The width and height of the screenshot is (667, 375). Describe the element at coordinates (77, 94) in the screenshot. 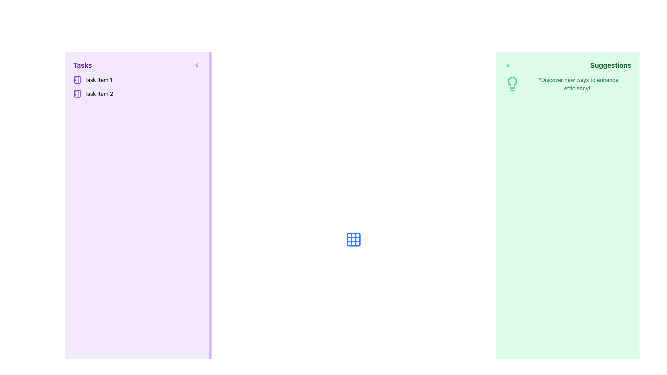

I see `the inner rectangular section of the notebook icon located in the left panel, which visually indicates a task or note-related item` at that location.